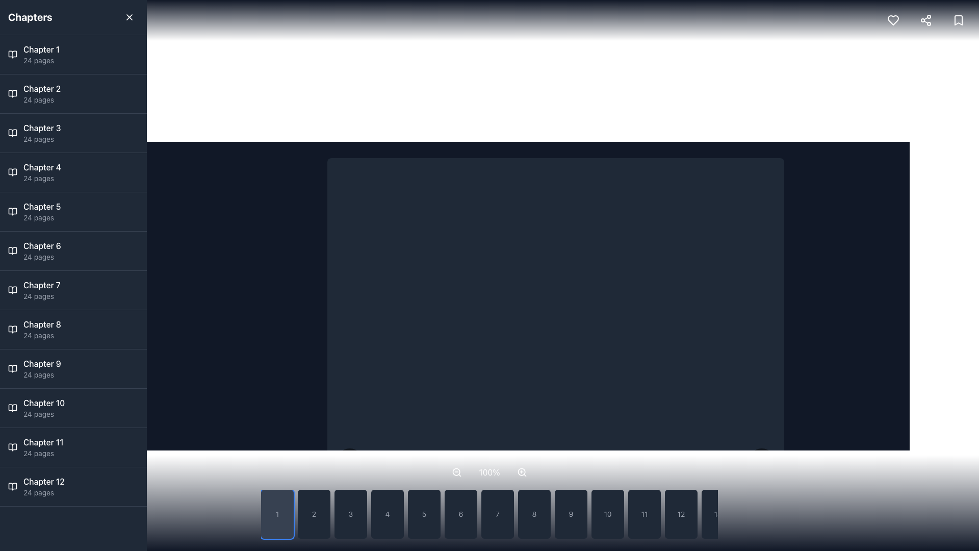  What do you see at coordinates (456, 472) in the screenshot?
I see `the central circle of the 'zoom-out' icon, which serves a decorative purpose in the toolbar interface` at bounding box center [456, 472].